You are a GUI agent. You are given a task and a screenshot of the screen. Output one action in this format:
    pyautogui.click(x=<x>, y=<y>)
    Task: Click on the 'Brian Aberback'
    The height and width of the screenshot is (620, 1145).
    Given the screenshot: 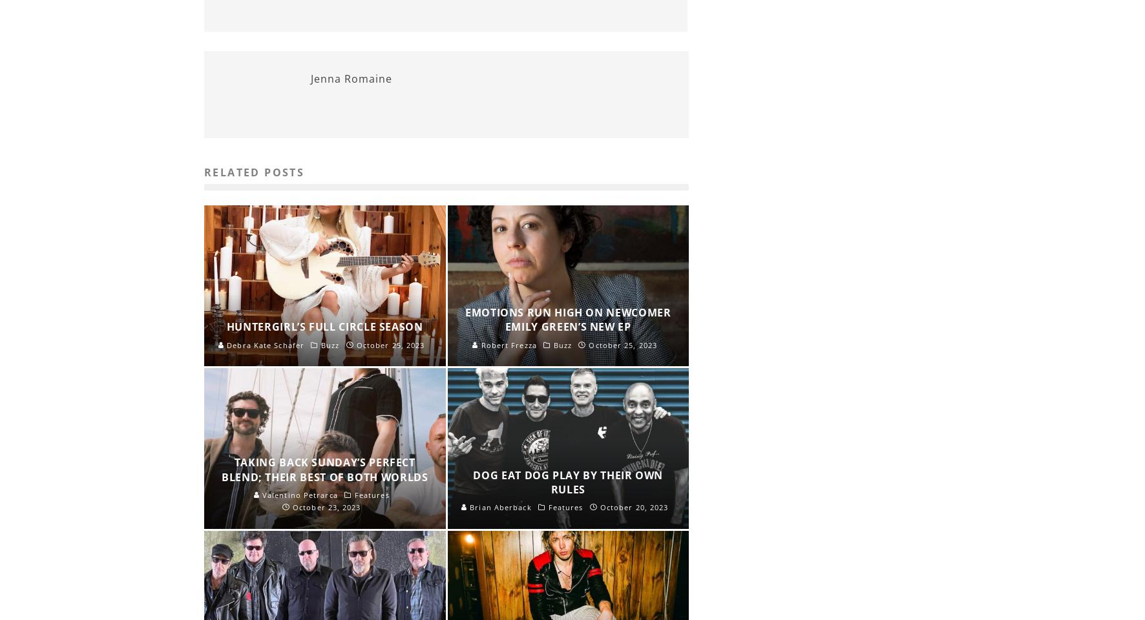 What is the action you would take?
    pyautogui.click(x=498, y=507)
    